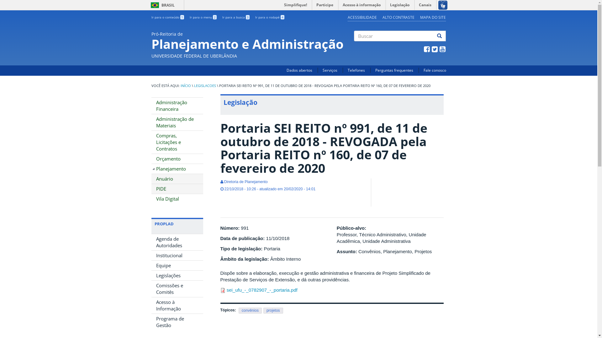 The width and height of the screenshot is (602, 338). Describe the element at coordinates (177, 188) in the screenshot. I see `'PIDE'` at that location.